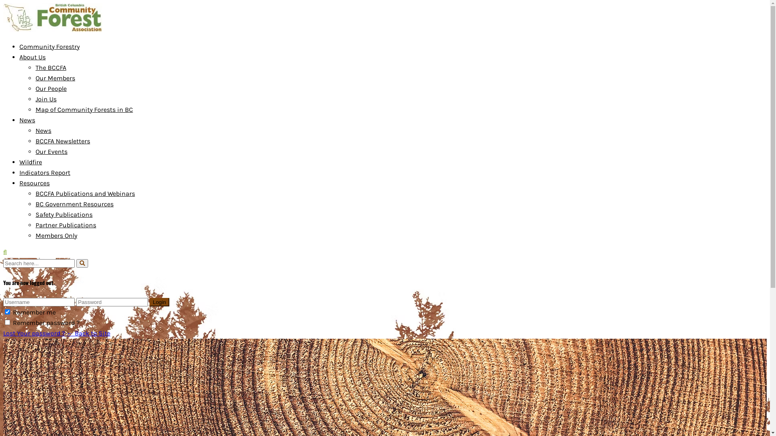 The image size is (776, 436). I want to click on 'Our Events', so click(51, 151).